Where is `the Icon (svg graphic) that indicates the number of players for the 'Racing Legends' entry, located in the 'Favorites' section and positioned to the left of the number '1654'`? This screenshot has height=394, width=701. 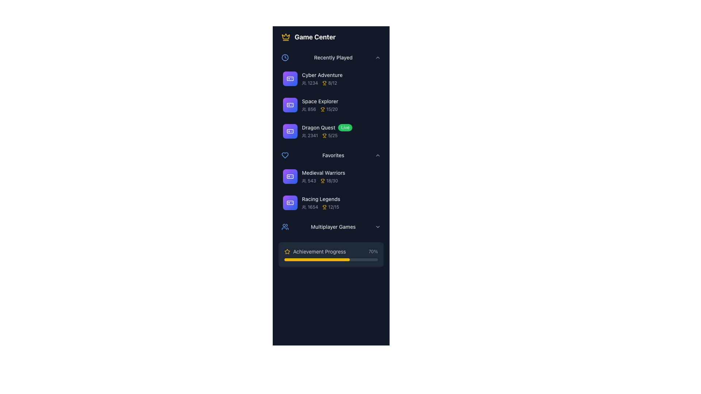
the Icon (svg graphic) that indicates the number of players for the 'Racing Legends' entry, located in the 'Favorites' section and positioned to the left of the number '1654' is located at coordinates (304, 207).